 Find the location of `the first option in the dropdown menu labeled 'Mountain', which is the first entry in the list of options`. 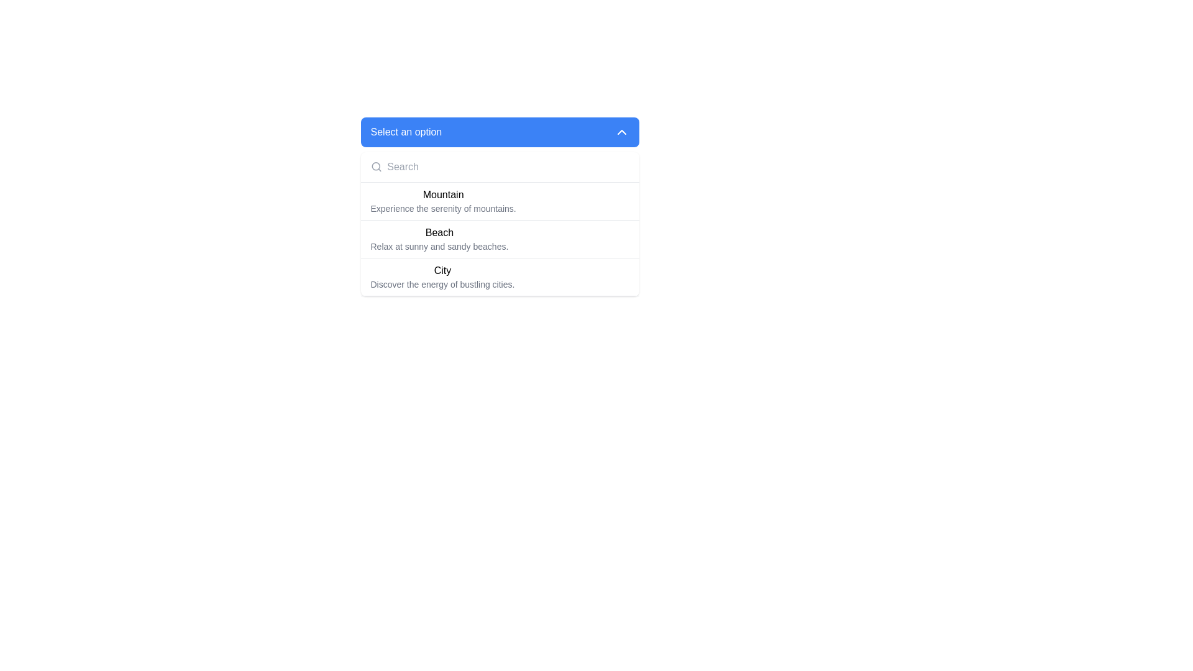

the first option in the dropdown menu labeled 'Mountain', which is the first entry in the list of options is located at coordinates (500, 201).